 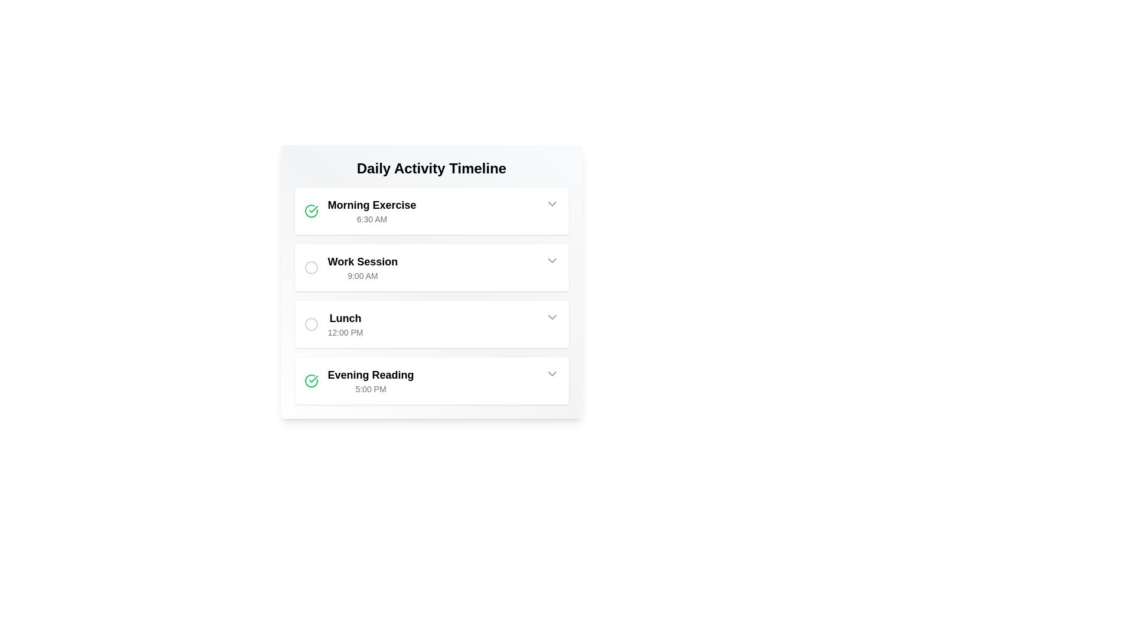 I want to click on the label or title element that provides the main descriptor for the associated timeline entry located in the second section of the timeline list under 'Work Session 9:00 AM', so click(x=362, y=261).